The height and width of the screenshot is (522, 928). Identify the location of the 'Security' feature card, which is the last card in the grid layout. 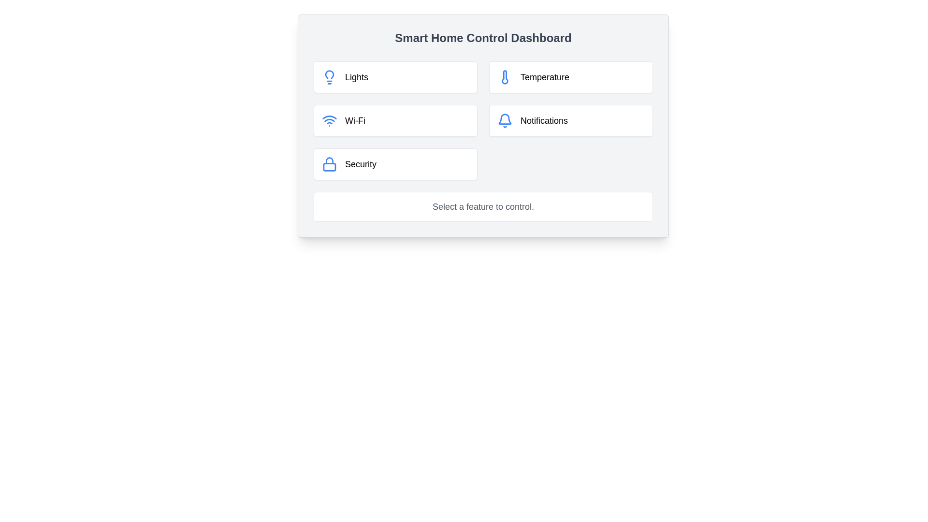
(395, 163).